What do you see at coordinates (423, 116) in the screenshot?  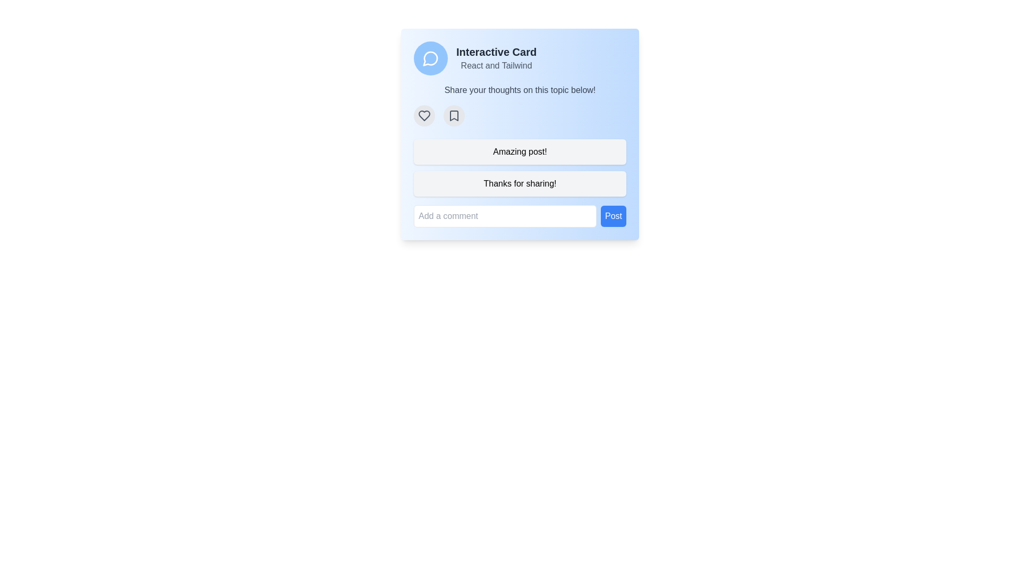 I see `the heart icon representing 'Like' or 'Favorite' action` at bounding box center [423, 116].